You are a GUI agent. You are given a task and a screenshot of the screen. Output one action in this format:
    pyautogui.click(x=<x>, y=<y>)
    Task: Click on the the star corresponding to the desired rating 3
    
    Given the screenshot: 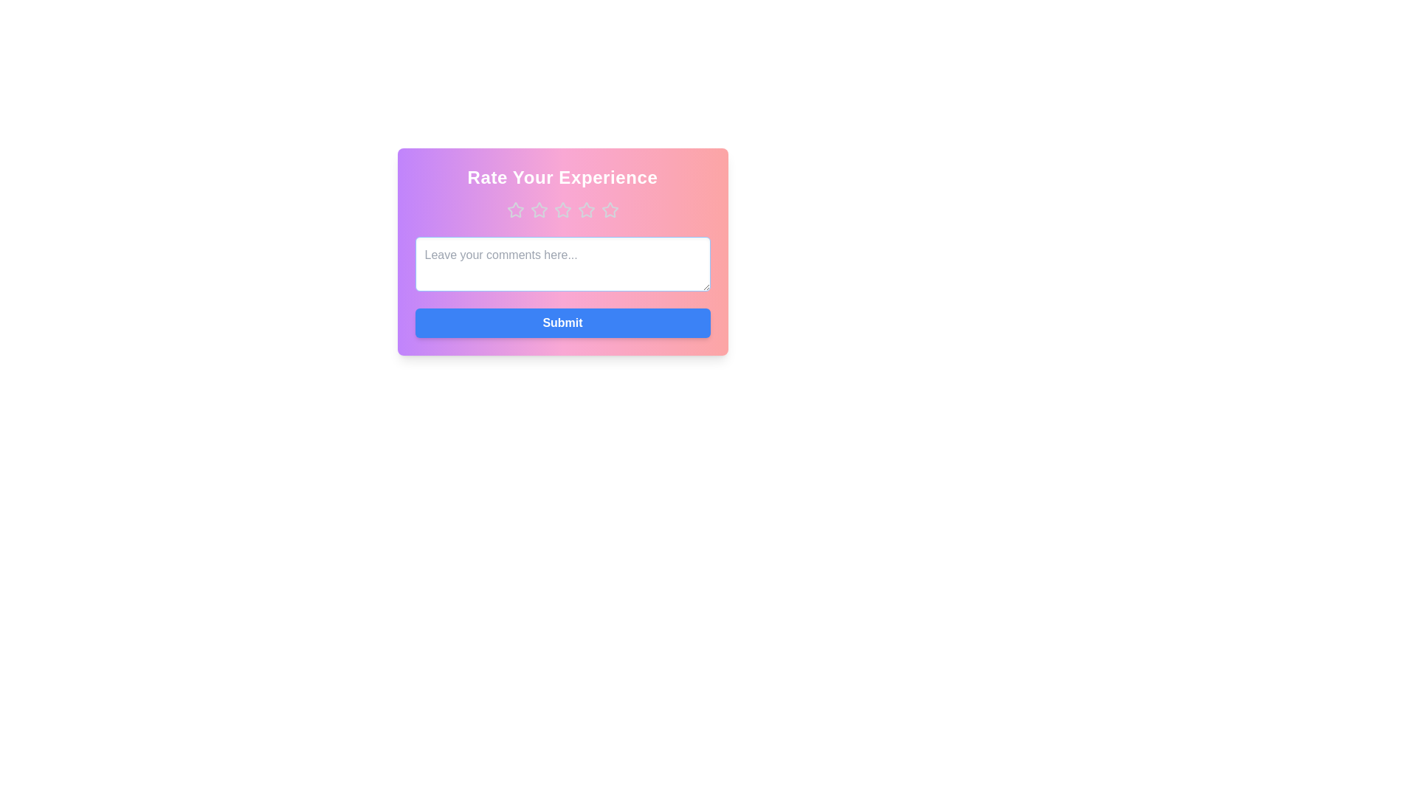 What is the action you would take?
    pyautogui.click(x=562, y=210)
    